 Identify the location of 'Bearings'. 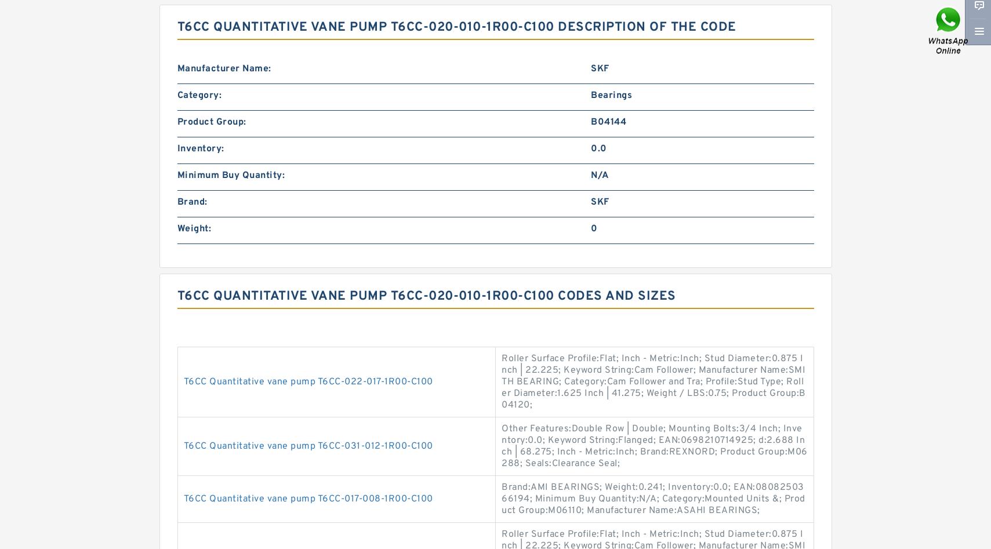
(611, 94).